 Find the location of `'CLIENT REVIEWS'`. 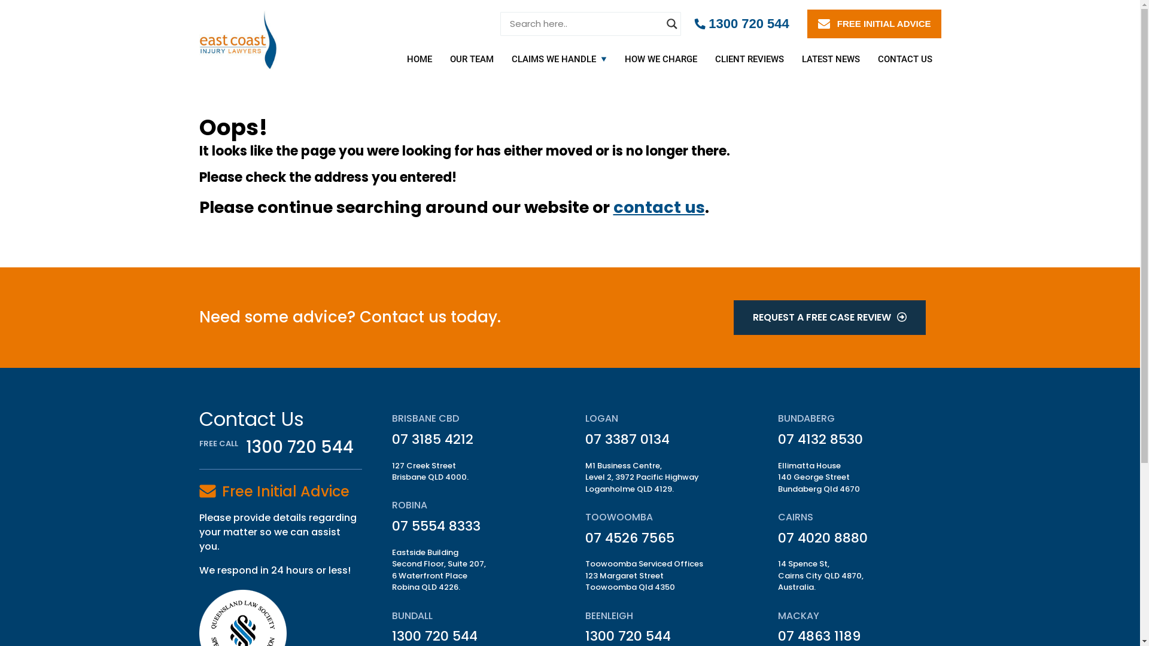

'CLIENT REVIEWS' is located at coordinates (749, 59).